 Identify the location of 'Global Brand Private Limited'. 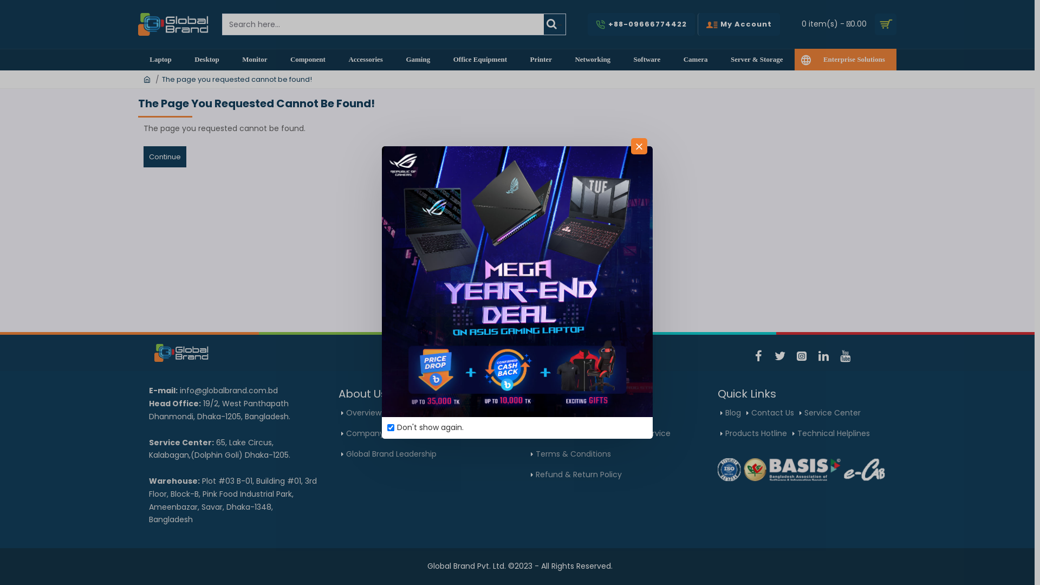
(173, 24).